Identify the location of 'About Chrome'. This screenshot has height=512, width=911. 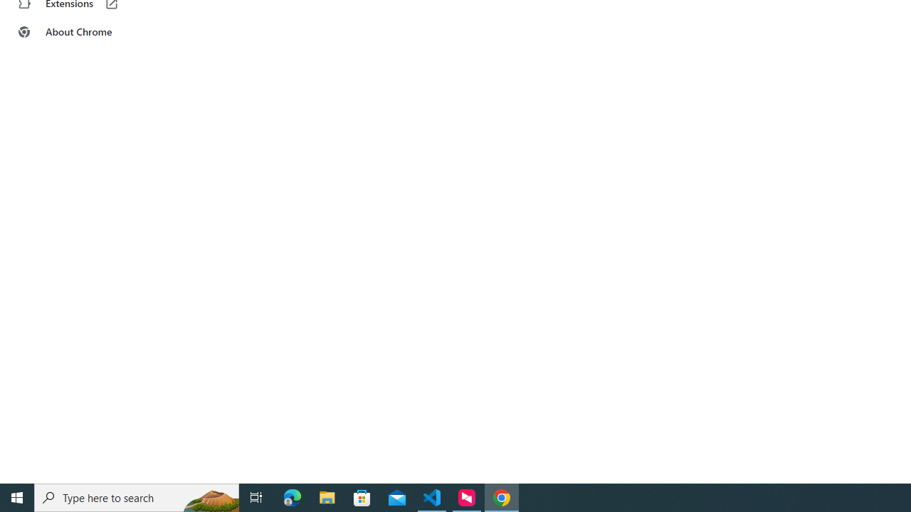
(88, 32).